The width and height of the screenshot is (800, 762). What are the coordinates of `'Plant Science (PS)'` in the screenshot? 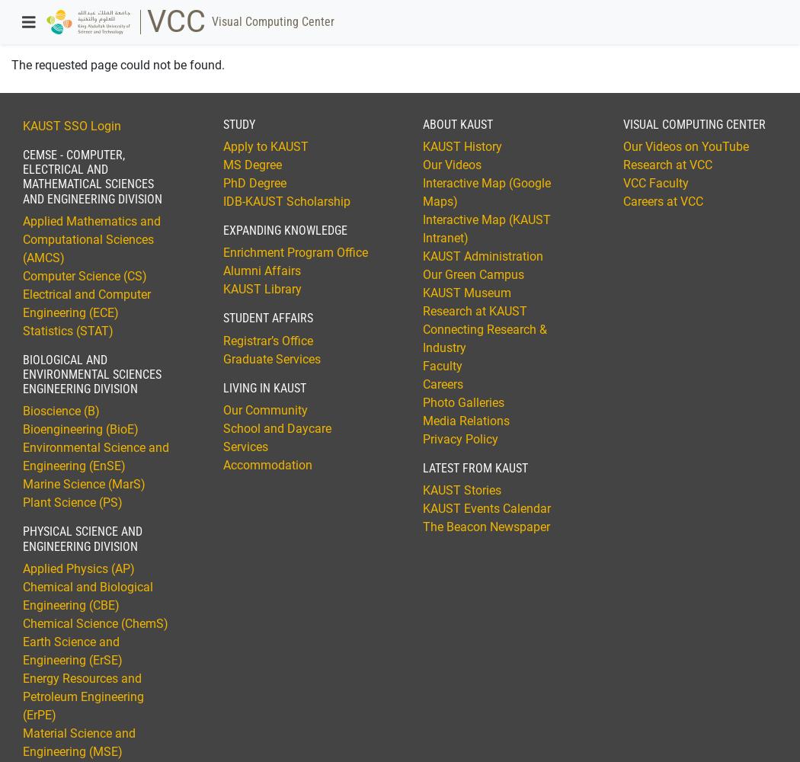 It's located at (23, 502).